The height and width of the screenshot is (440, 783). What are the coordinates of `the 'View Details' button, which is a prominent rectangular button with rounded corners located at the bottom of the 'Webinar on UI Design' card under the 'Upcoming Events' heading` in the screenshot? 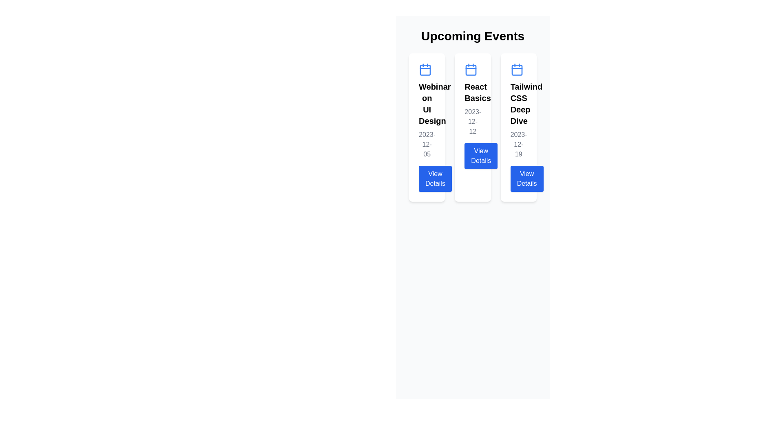 It's located at (435, 178).